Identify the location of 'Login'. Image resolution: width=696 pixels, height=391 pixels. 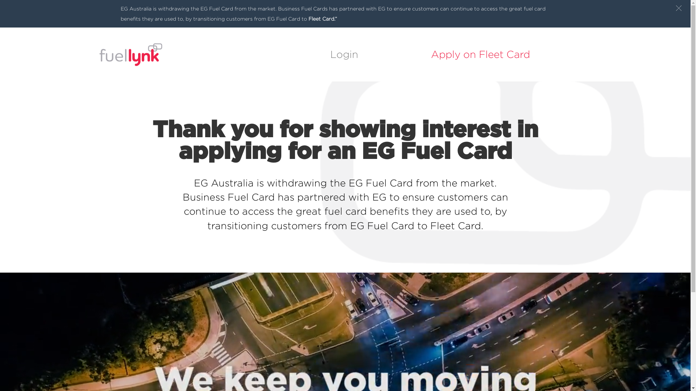
(344, 54).